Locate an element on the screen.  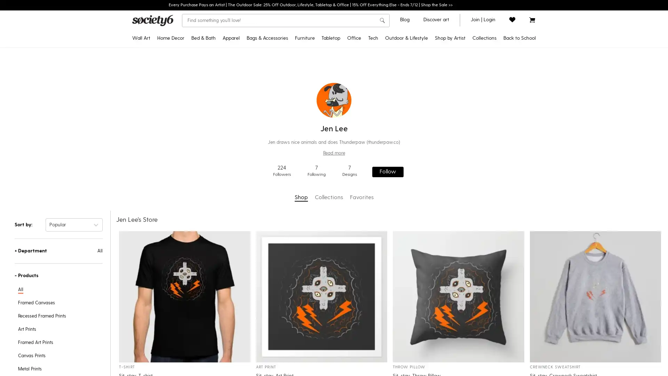
Counter Stools is located at coordinates (317, 89).